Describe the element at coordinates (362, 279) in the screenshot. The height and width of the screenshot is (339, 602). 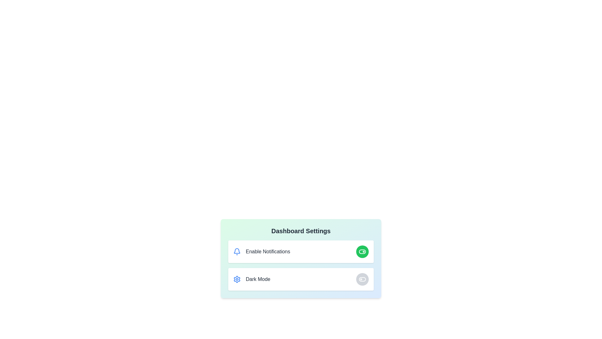
I see `the circular toggle icon in the settings interface to switch between dark and light modes, located to the right of the 'Dark Mode' label` at that location.